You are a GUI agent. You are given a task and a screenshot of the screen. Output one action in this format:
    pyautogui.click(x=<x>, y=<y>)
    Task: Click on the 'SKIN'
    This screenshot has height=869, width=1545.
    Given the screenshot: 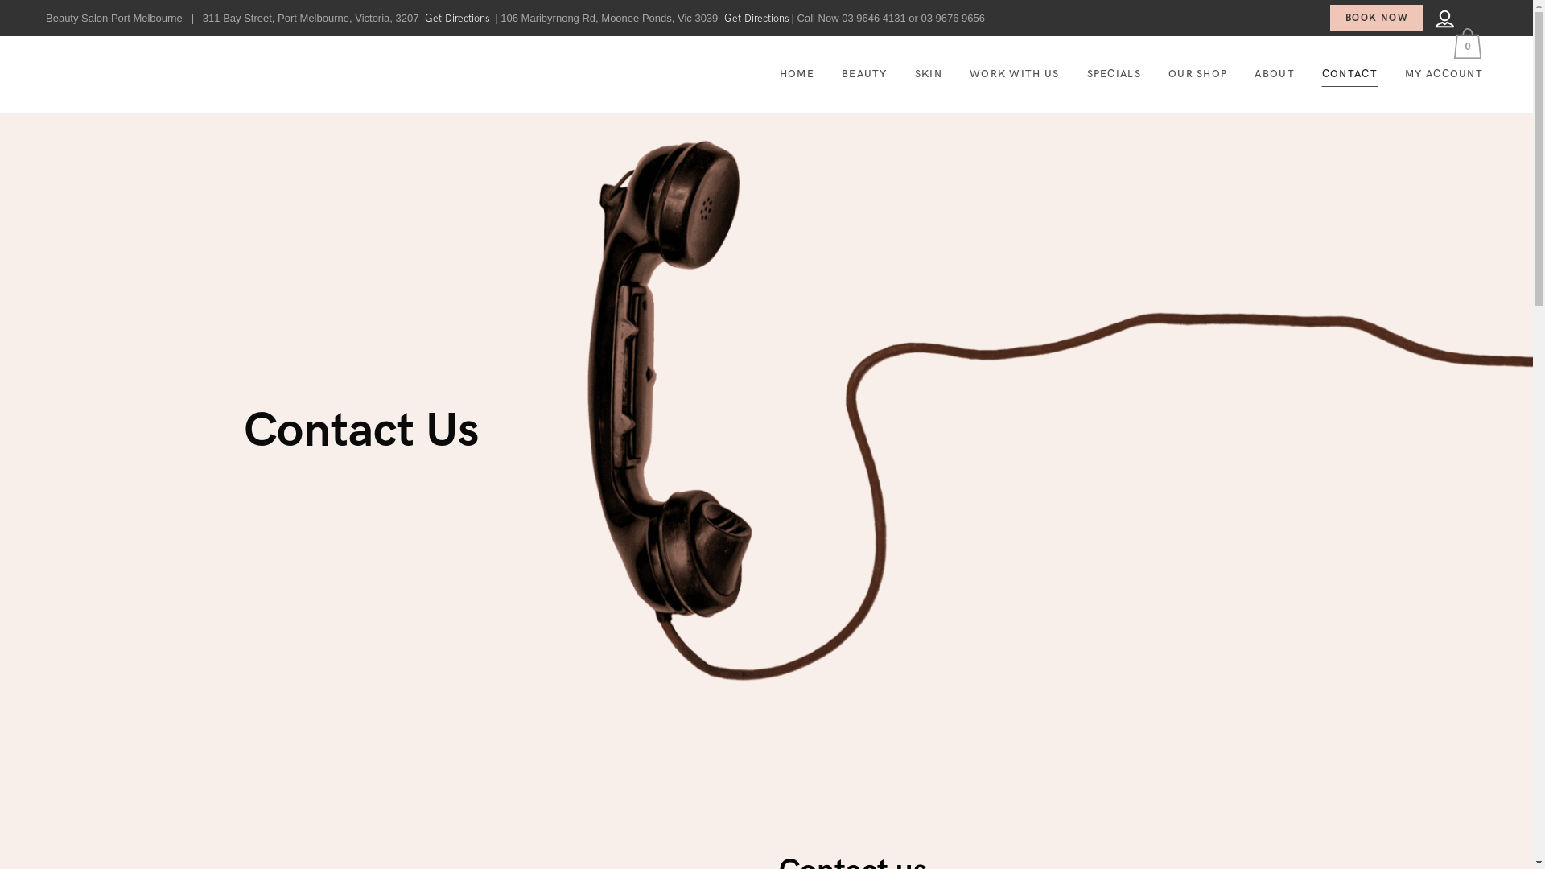 What is the action you would take?
    pyautogui.click(x=928, y=74)
    